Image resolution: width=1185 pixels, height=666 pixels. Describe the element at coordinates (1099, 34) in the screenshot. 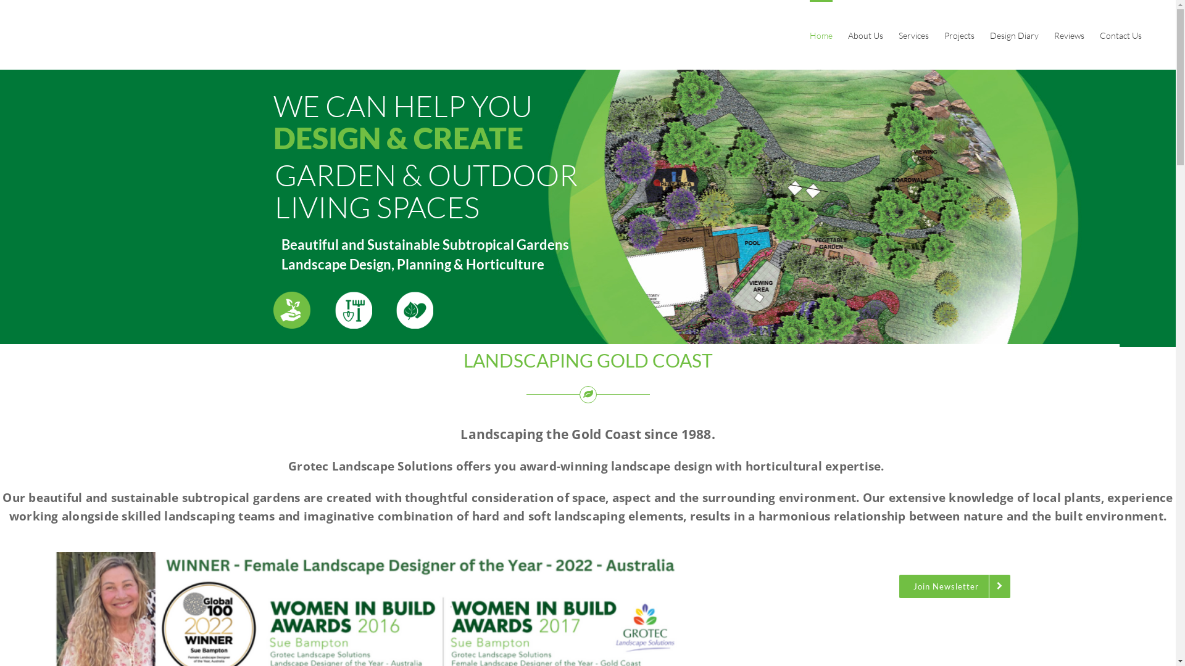

I see `'Contact Us'` at that location.